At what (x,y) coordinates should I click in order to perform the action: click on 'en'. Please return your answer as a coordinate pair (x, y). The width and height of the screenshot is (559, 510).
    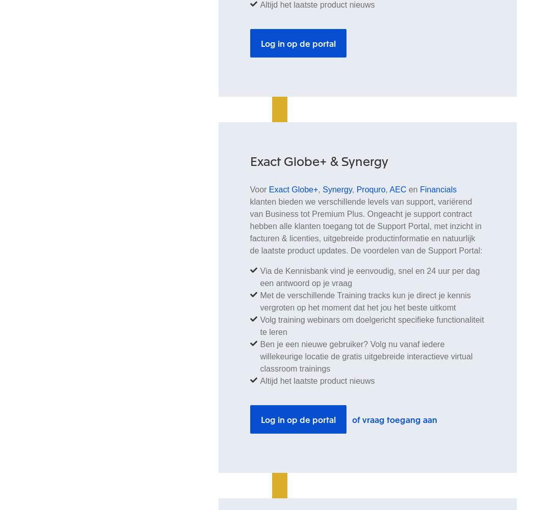
    Looking at the image, I should click on (413, 189).